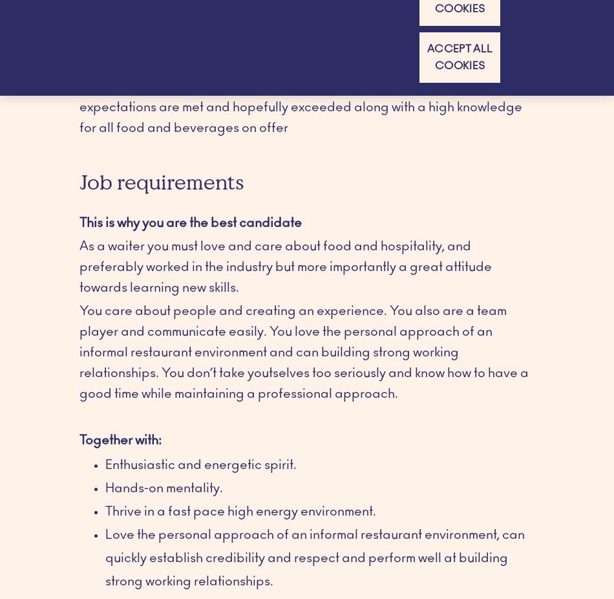 The width and height of the screenshot is (614, 599). What do you see at coordinates (189, 62) in the screenshot?
I see `'This is why your new job is challenging'` at bounding box center [189, 62].